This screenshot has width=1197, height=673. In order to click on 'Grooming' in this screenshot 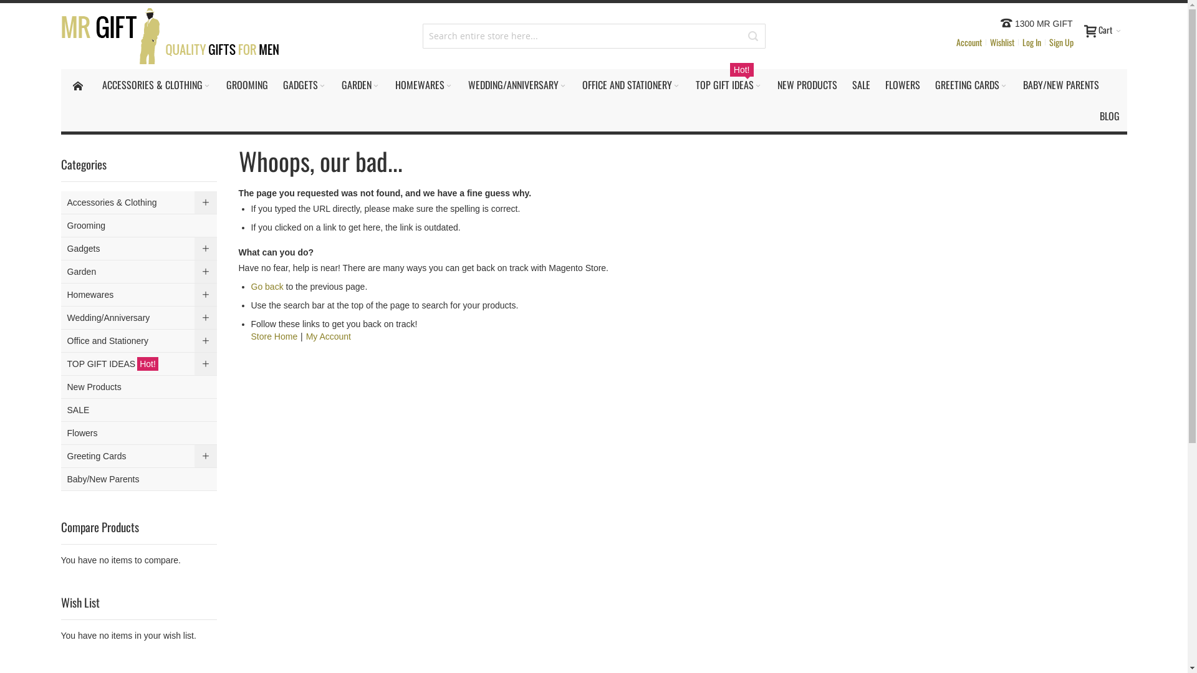, I will do `click(60, 226)`.